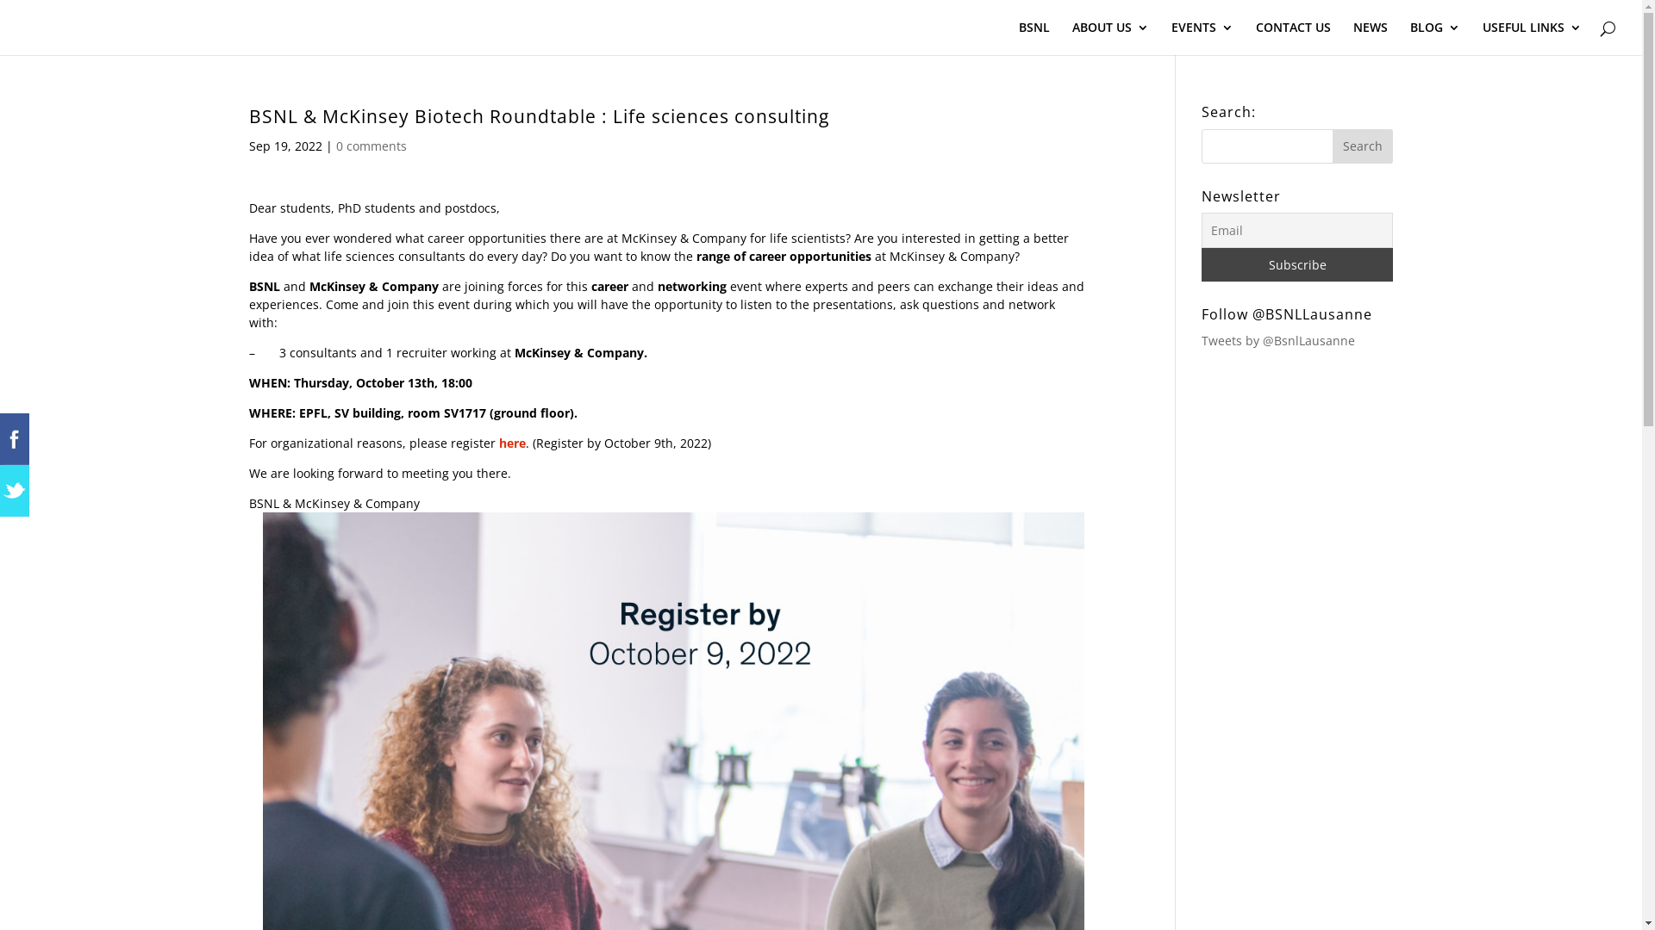 The width and height of the screenshot is (1655, 930). Describe the element at coordinates (1532, 38) in the screenshot. I see `'USEFUL LINKS'` at that location.